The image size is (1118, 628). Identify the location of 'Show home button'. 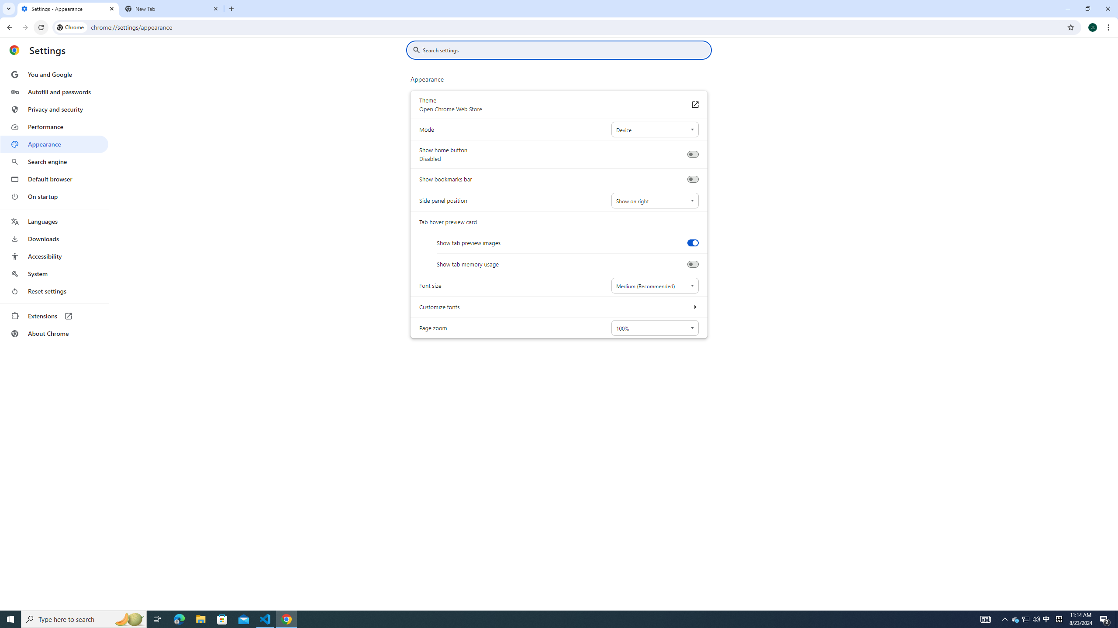
(692, 154).